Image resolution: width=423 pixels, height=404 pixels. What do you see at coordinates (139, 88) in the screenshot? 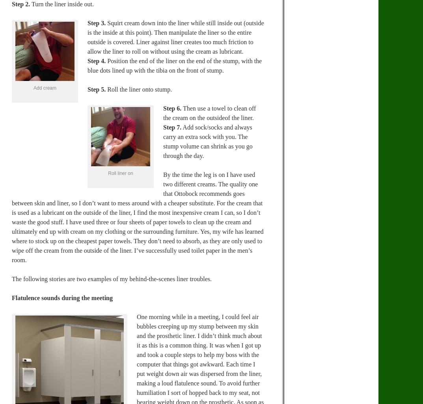
I see `'Roll the liner onto stump.'` at bounding box center [139, 88].